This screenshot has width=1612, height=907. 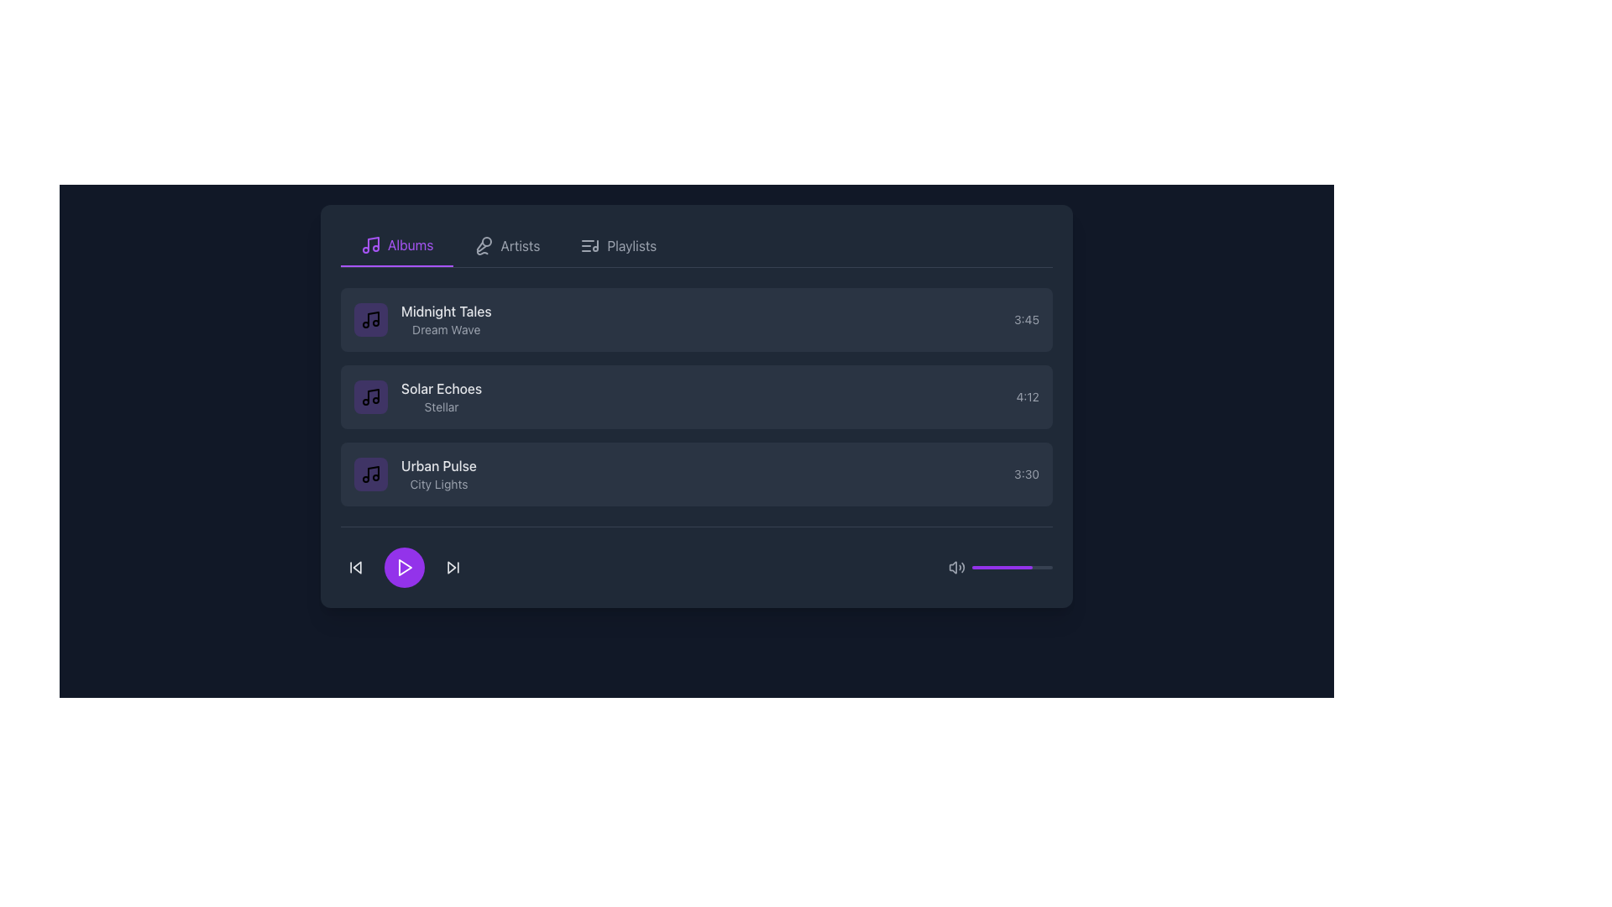 I want to click on the 'Artists' text label, which is a light-gray font in a modern sans-serif typeface, located centrally in the header beside 'Albums' and 'Playlists', so click(x=519, y=246).